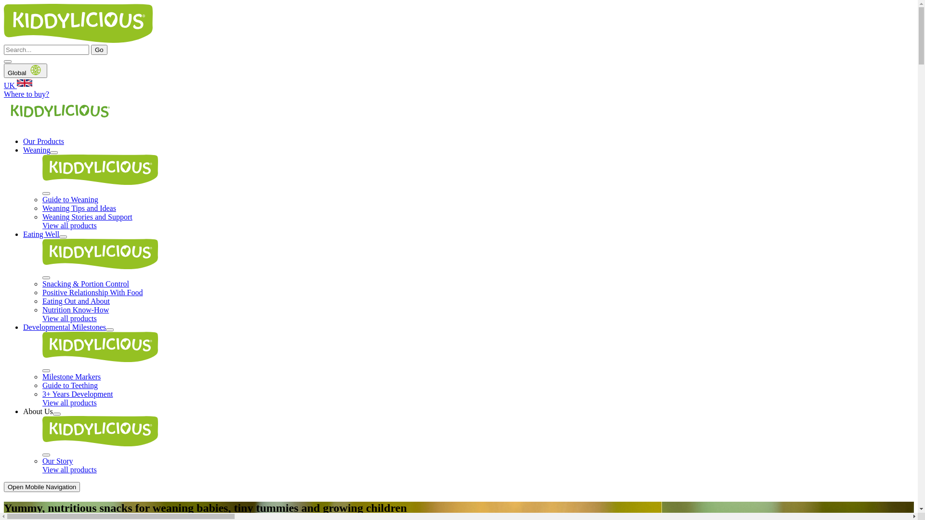 Image resolution: width=925 pixels, height=520 pixels. Describe the element at coordinates (78, 394) in the screenshot. I see `'3+ Years Development'` at that location.